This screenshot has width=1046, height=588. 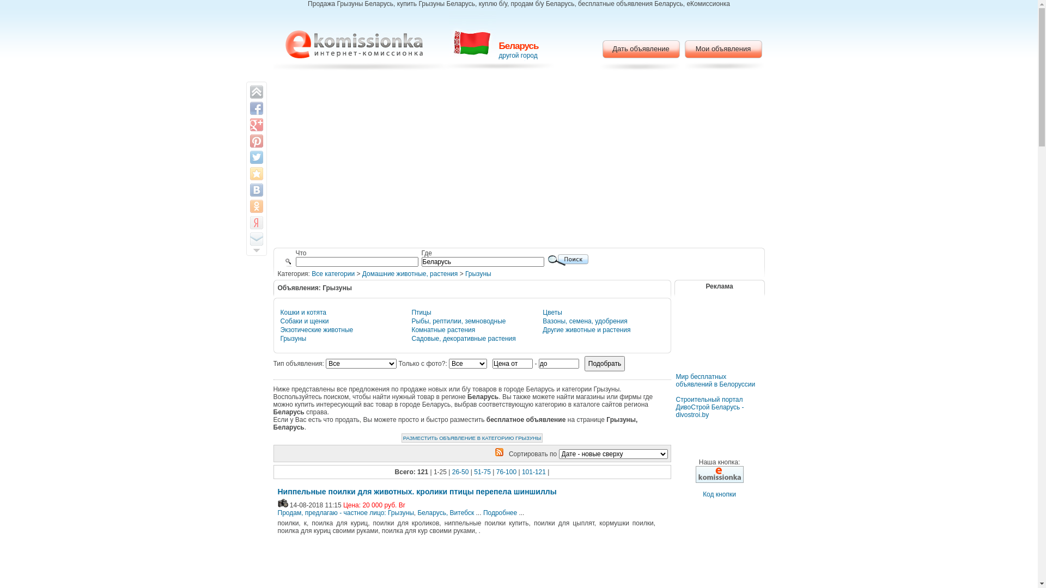 I want to click on '26-50', so click(x=460, y=471).